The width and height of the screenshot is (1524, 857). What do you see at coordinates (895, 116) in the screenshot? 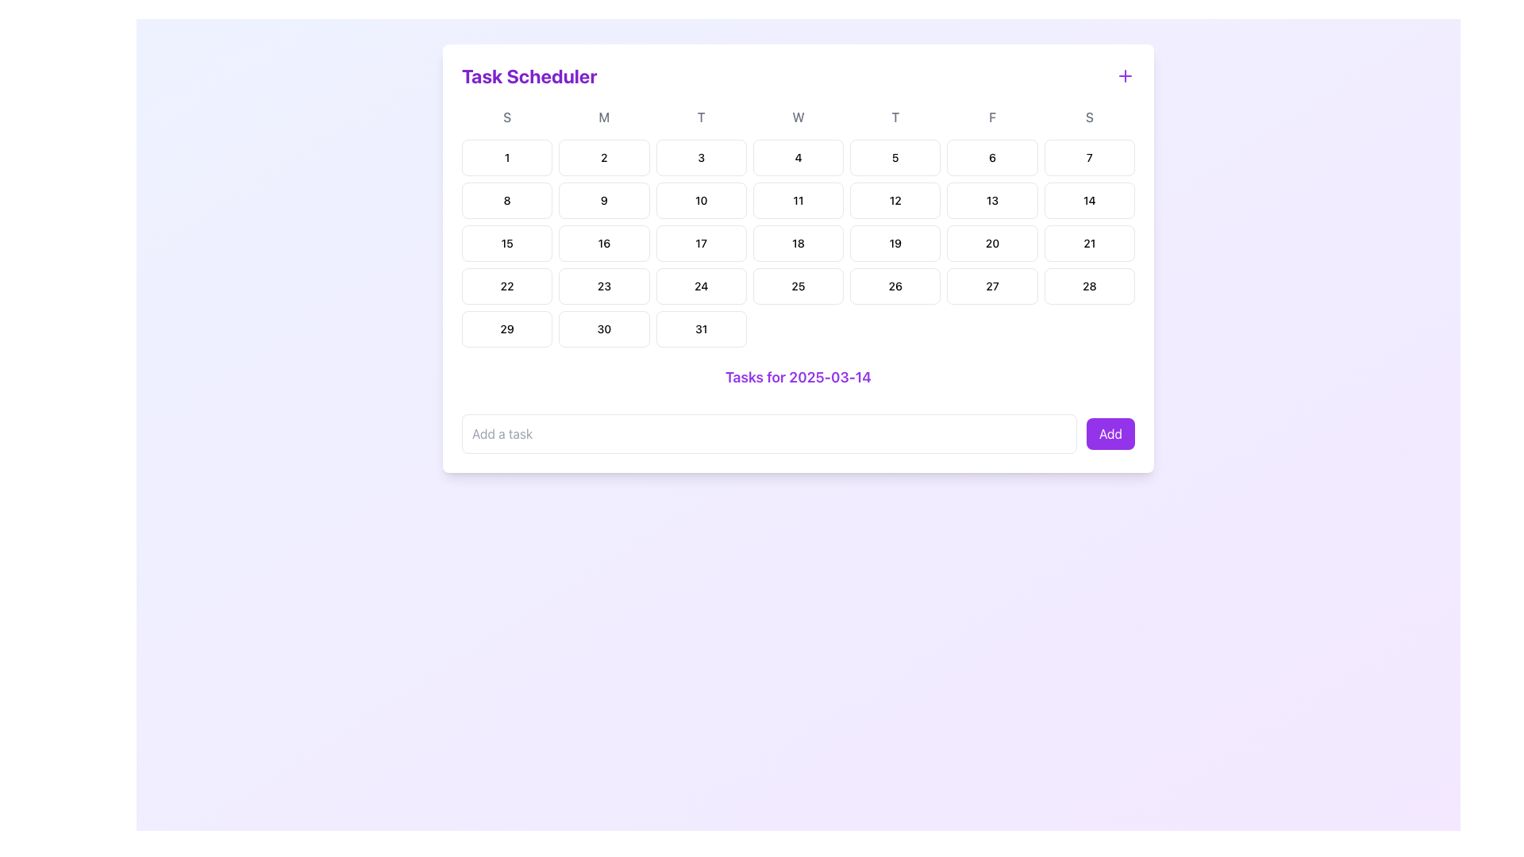
I see `the Text label displaying the capital letter 'T' for Thursday, styled in light gray and located in the center of the days of the week grid` at bounding box center [895, 116].